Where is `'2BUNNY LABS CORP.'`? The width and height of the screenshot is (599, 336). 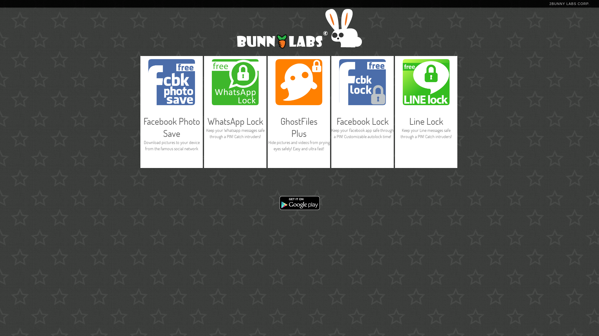 '2BUNNY LABS CORP.' is located at coordinates (569, 3).